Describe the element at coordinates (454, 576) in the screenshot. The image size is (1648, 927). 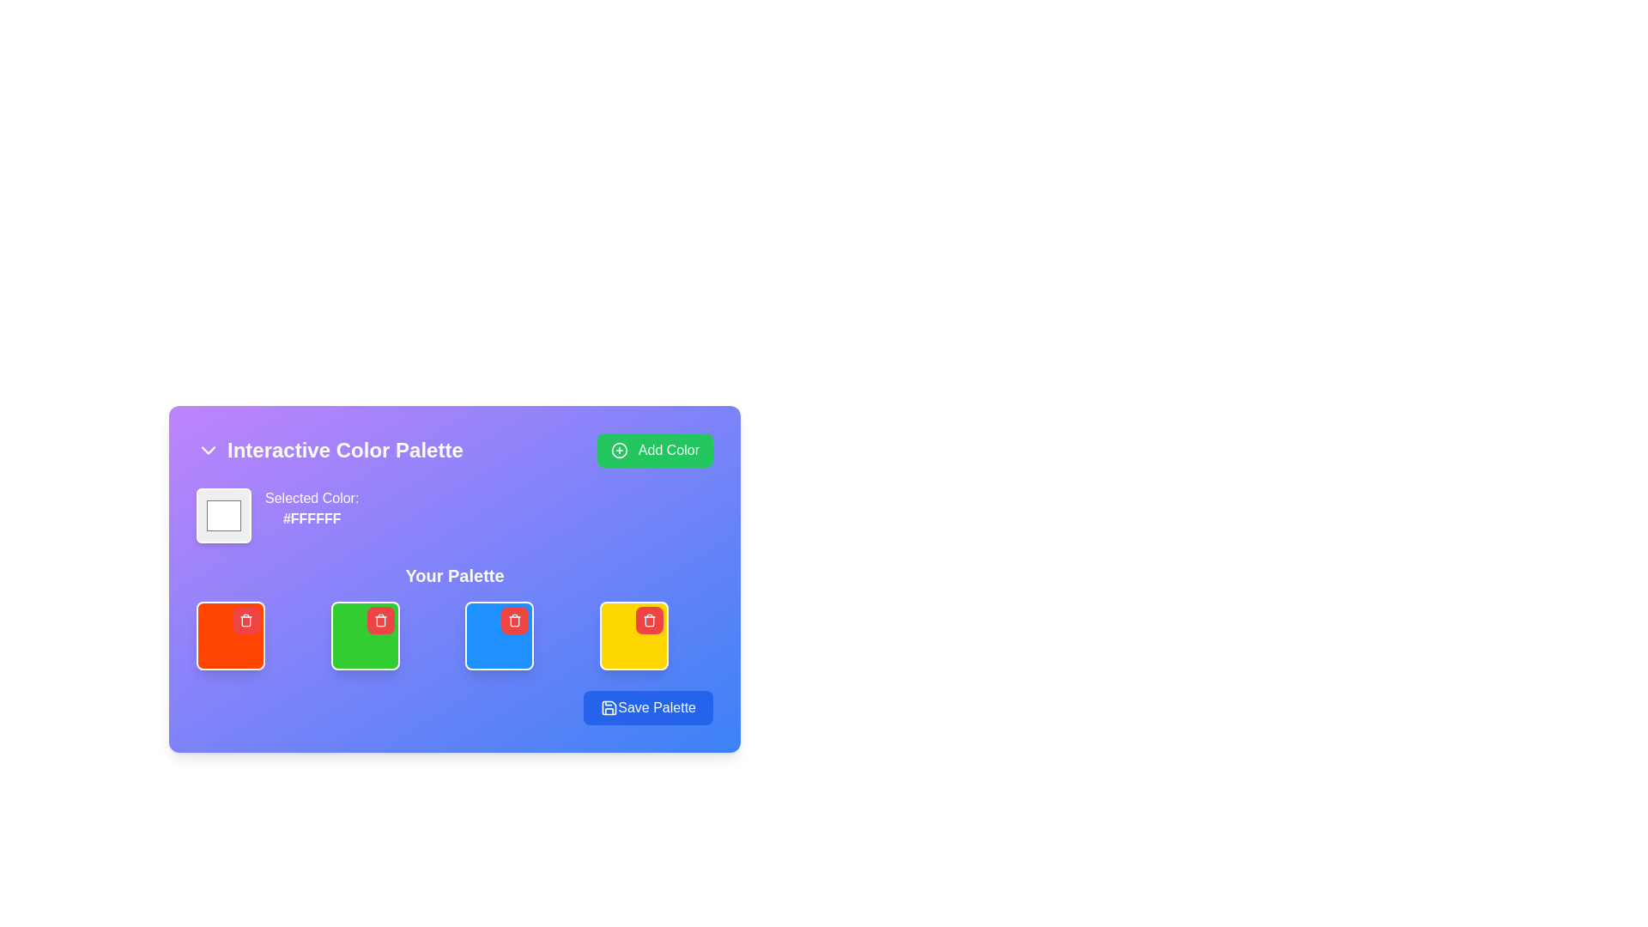
I see `the centrally positioned text label that identifies the user's selected color palette above the grid layout` at that location.